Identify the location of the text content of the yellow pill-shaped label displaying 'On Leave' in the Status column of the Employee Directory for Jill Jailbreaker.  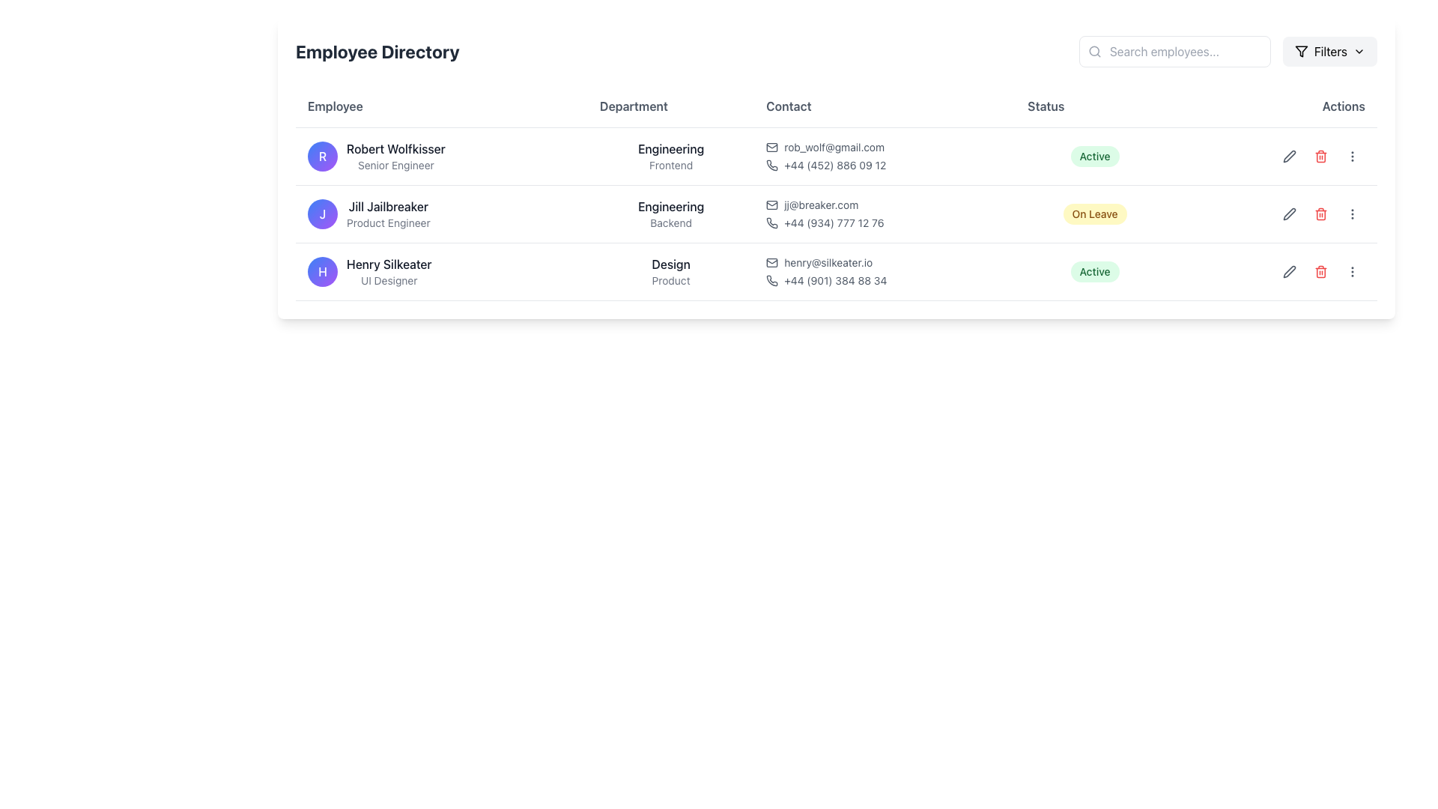
(1095, 213).